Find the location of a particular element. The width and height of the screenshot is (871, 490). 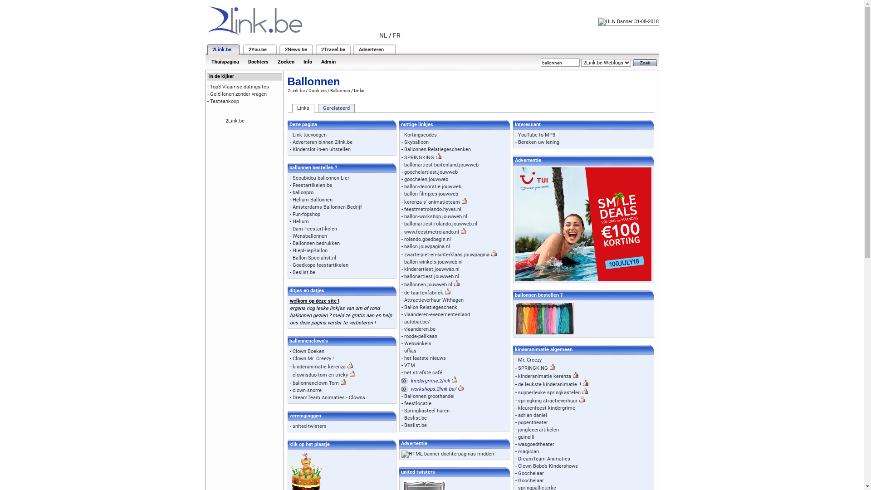

'goochelartiest.jouwweb' is located at coordinates (431, 172).